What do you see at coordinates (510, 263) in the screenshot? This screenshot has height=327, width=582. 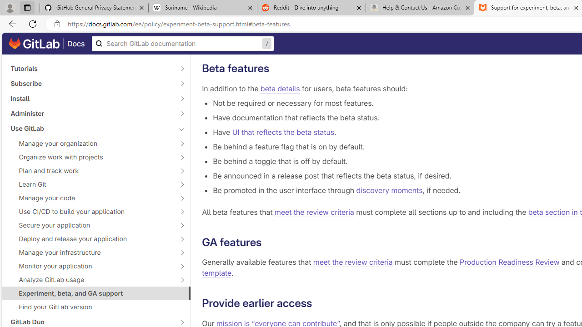 I see `'Production Readiness Review'` at bounding box center [510, 263].